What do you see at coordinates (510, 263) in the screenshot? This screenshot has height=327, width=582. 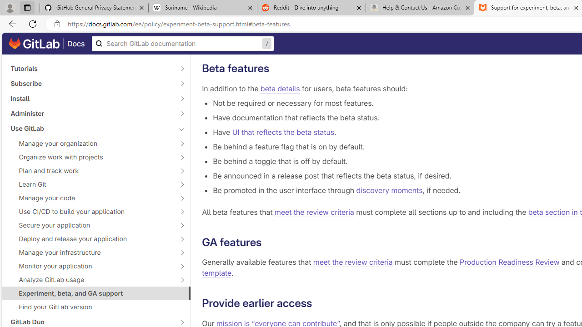 I see `'Production Readiness Review'` at bounding box center [510, 263].